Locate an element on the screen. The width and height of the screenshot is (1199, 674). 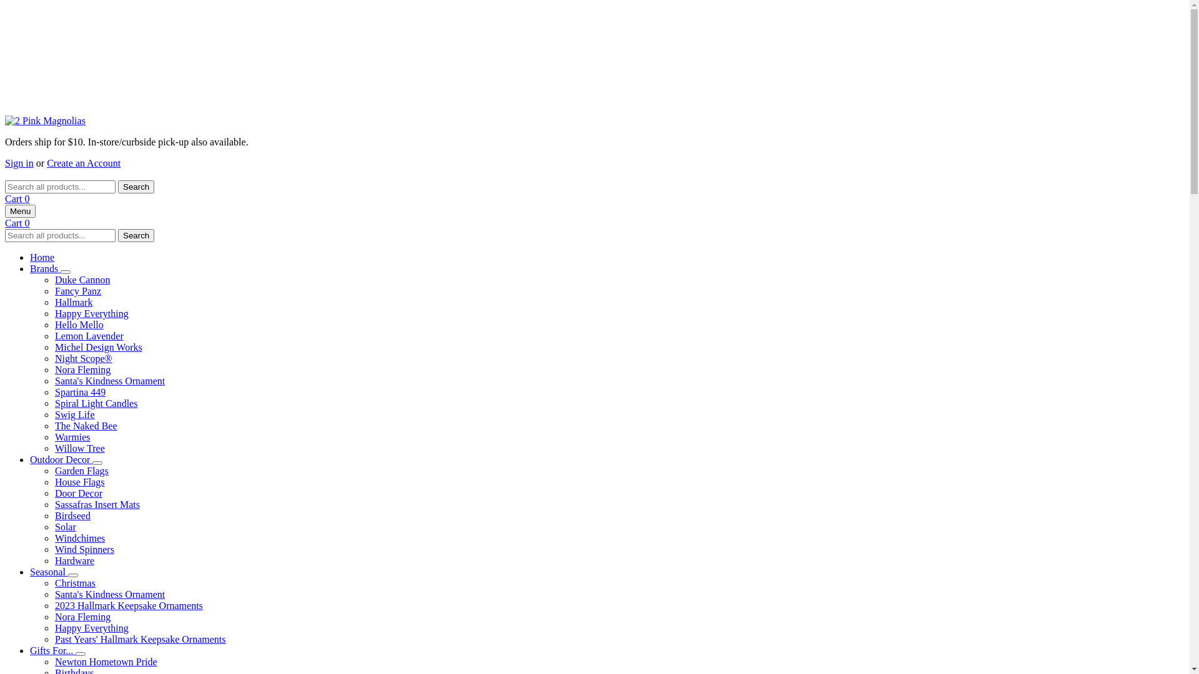
'Windchimes' is located at coordinates (79, 537).